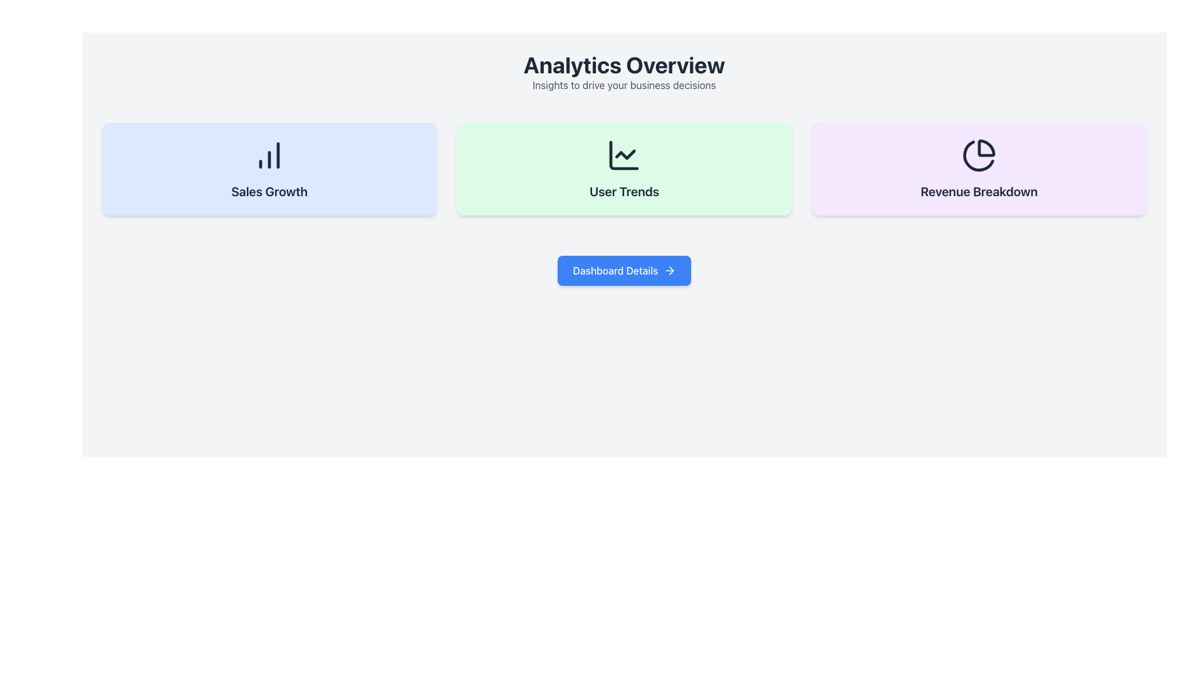  What do you see at coordinates (669, 270) in the screenshot?
I see `the navigation prompt icon located to the right of the 'Dashboard Details' button, which suggests forward movement or progression` at bounding box center [669, 270].